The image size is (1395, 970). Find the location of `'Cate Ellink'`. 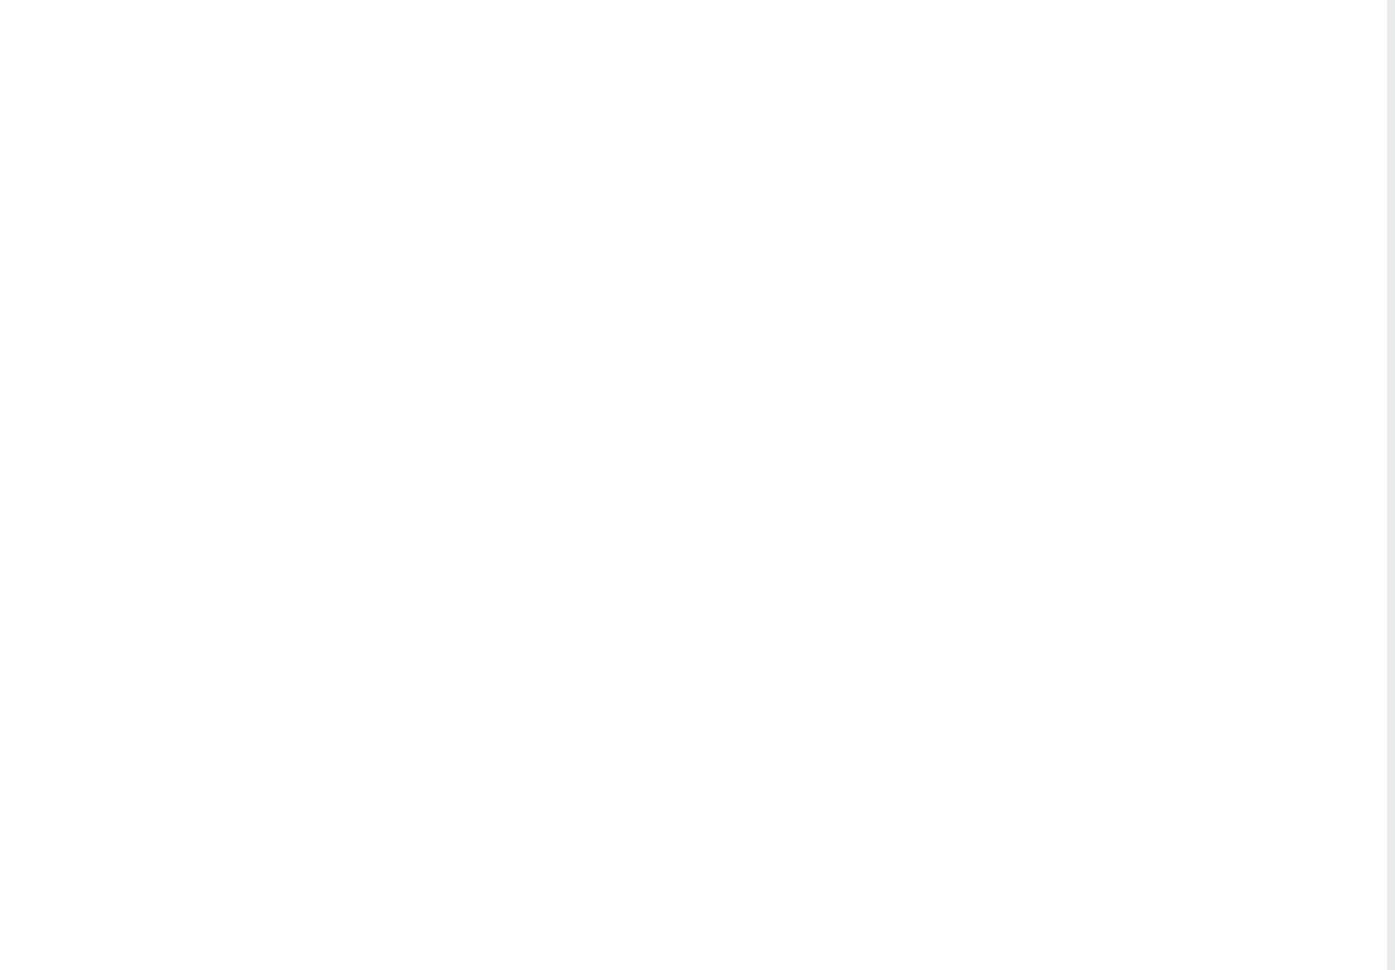

'Cate Ellink' is located at coordinates (22, 77).